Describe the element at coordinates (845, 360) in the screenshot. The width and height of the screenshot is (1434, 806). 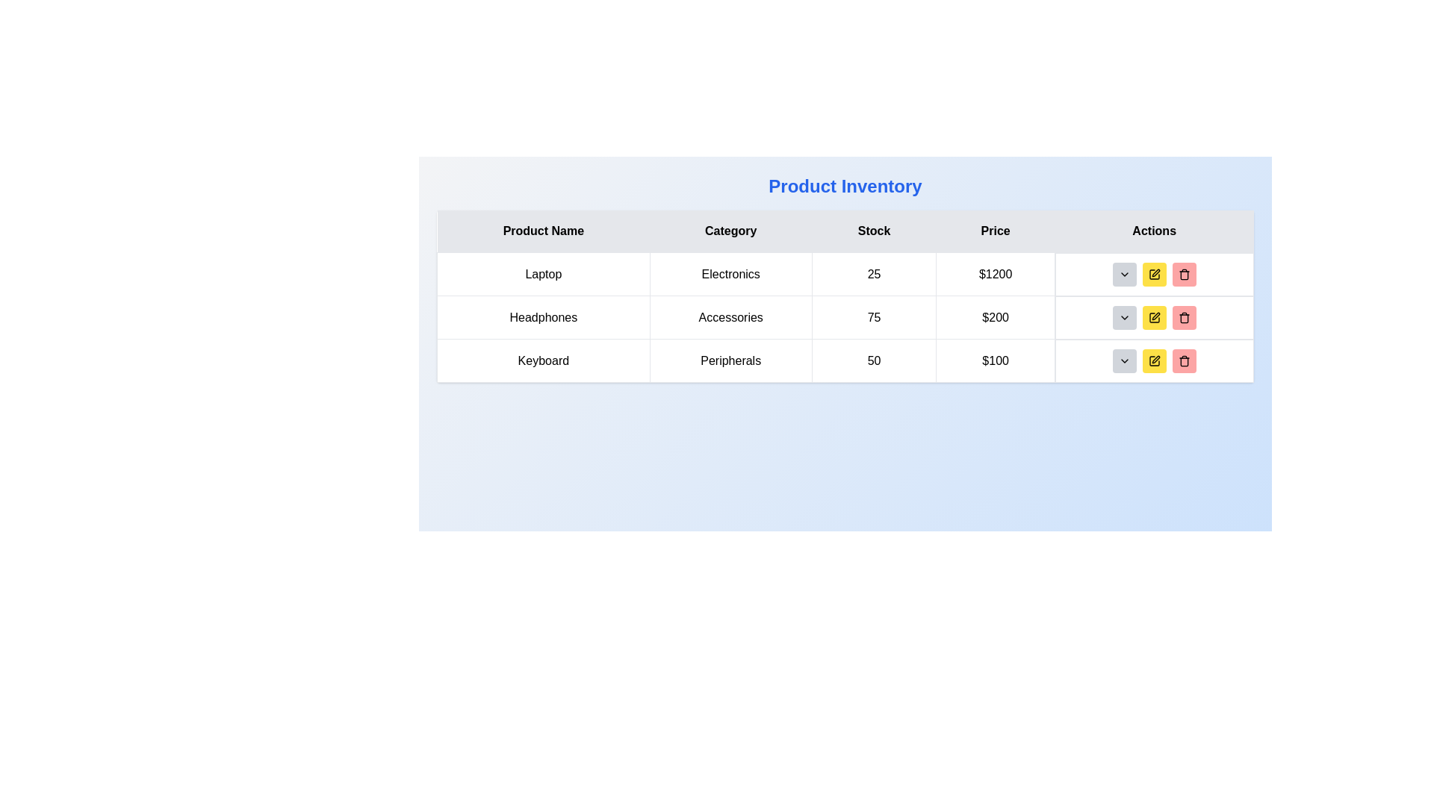
I see `the third row in the 'Product Inventory' table displaying information about the Keyboard, located between the 'Headphones' row and the subsequent rows` at that location.